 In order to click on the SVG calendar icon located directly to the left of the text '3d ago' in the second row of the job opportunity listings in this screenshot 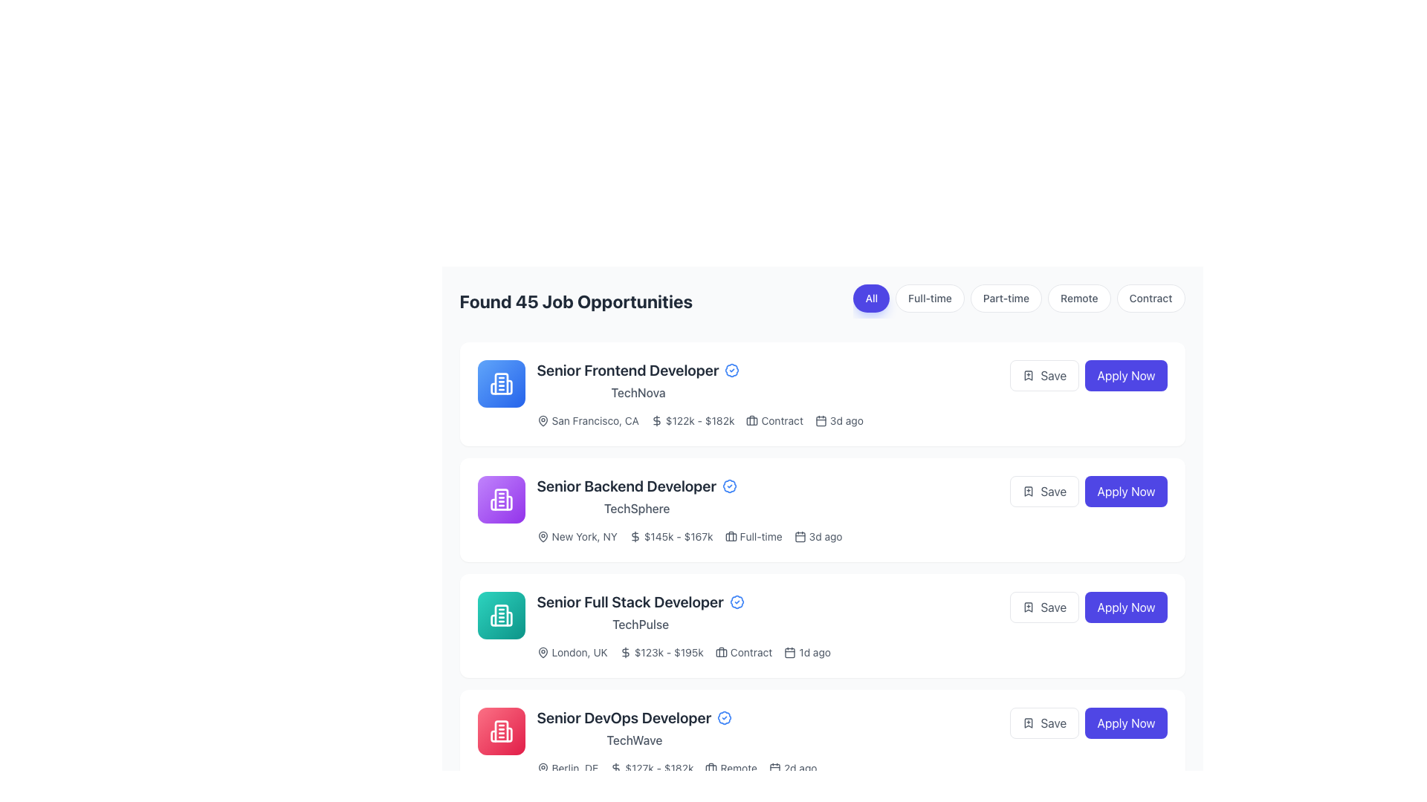, I will do `click(799, 536)`.